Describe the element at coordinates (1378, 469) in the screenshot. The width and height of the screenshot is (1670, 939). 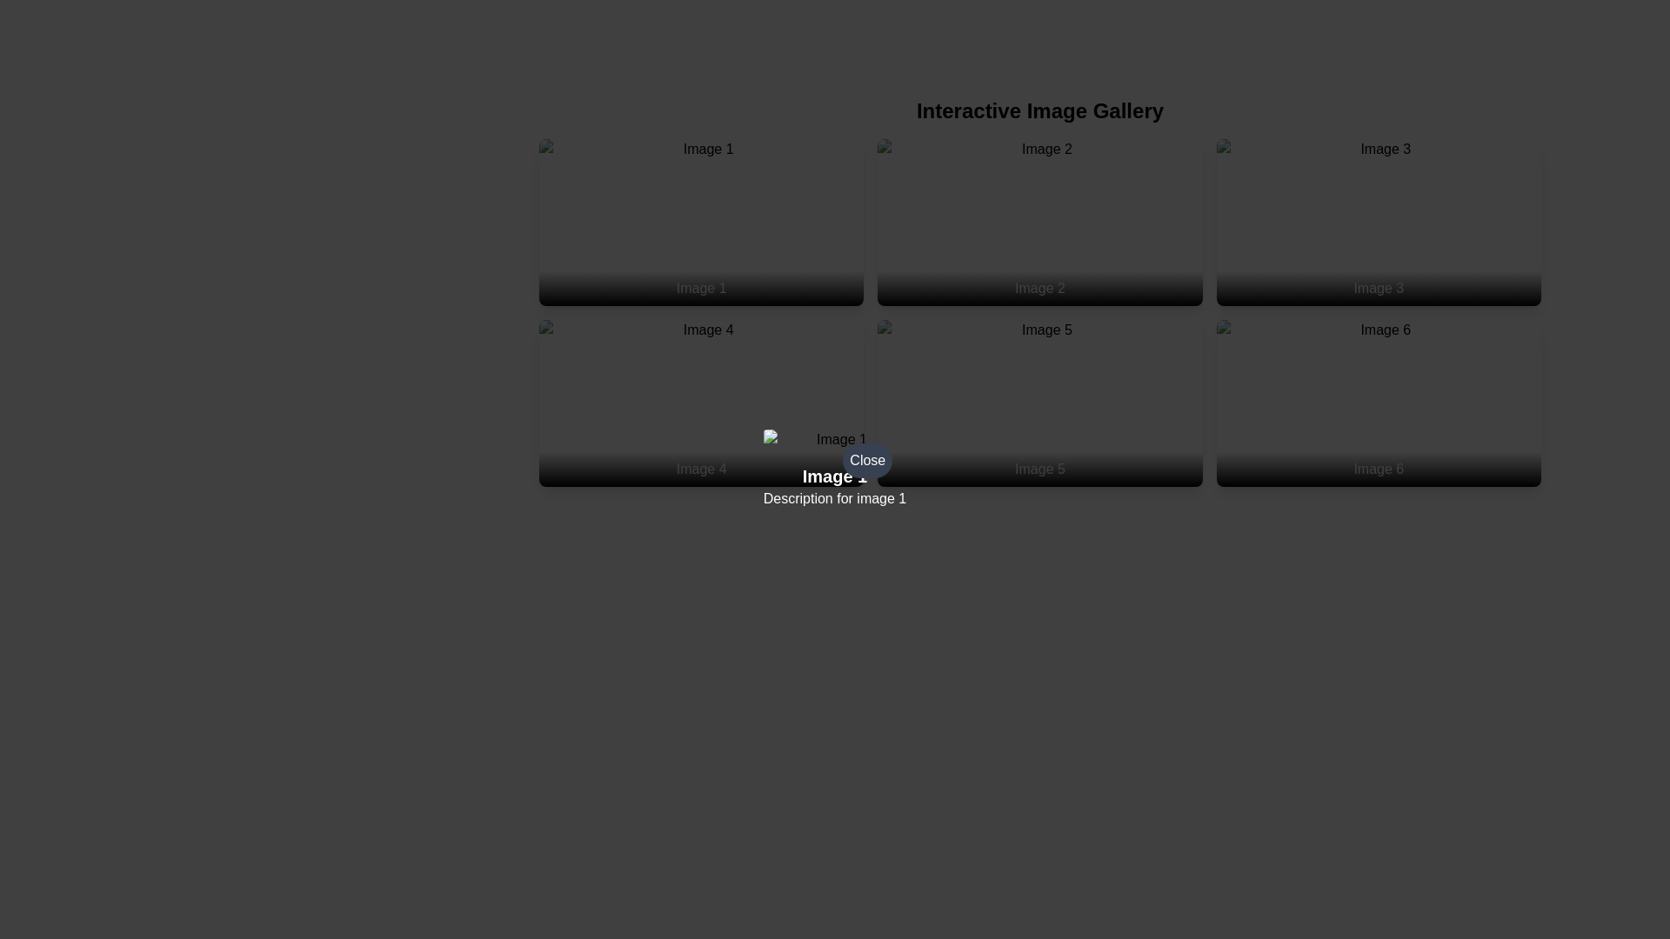
I see `the static text label displaying 'Image 6', which is located in the bottom segment of the sixth image tile in a 3x2 grid layout, centered horizontally within the bottom area` at that location.